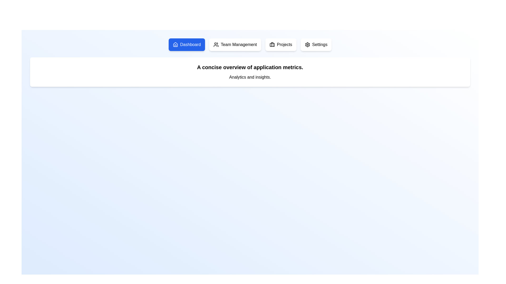 This screenshot has height=284, width=506. I want to click on the Informational Text Block that summarizes application metrics, located in the upper third of the interface, so click(250, 72).